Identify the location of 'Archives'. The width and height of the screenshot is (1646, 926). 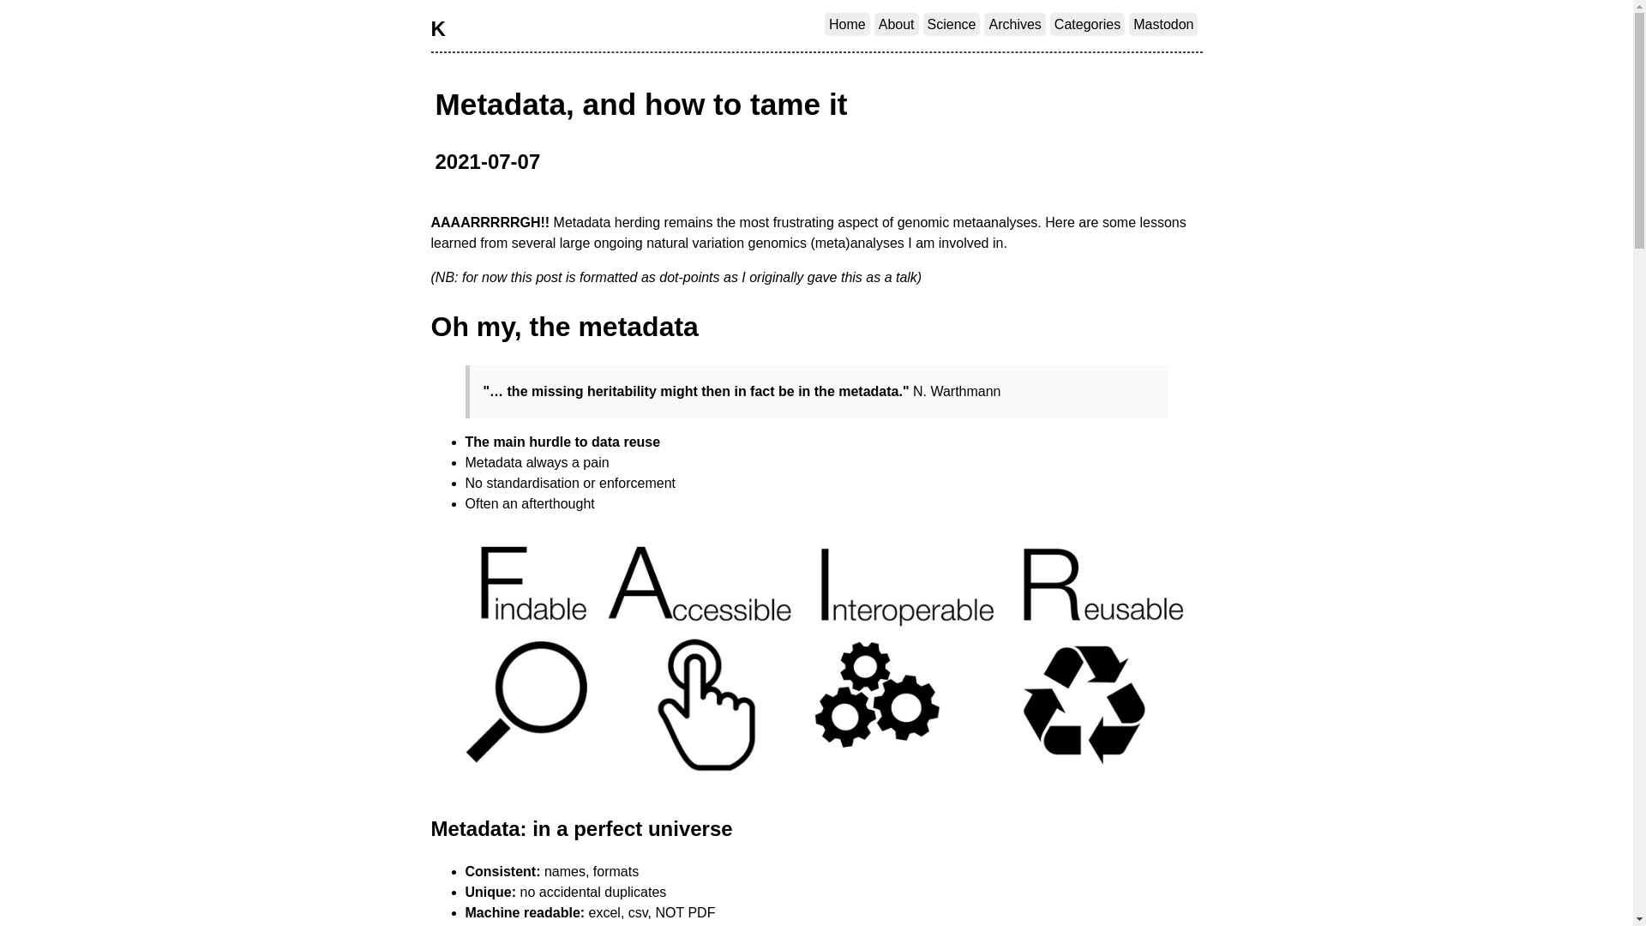
(983, 24).